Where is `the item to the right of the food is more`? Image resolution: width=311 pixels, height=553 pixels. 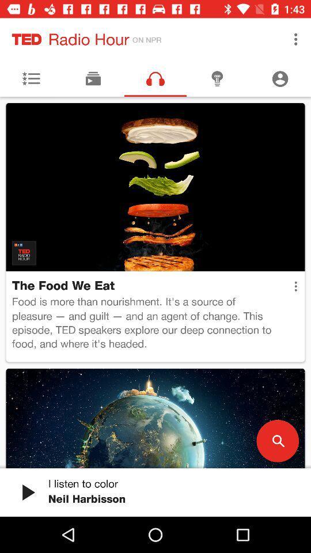
the item to the right of the food is more is located at coordinates (295, 286).